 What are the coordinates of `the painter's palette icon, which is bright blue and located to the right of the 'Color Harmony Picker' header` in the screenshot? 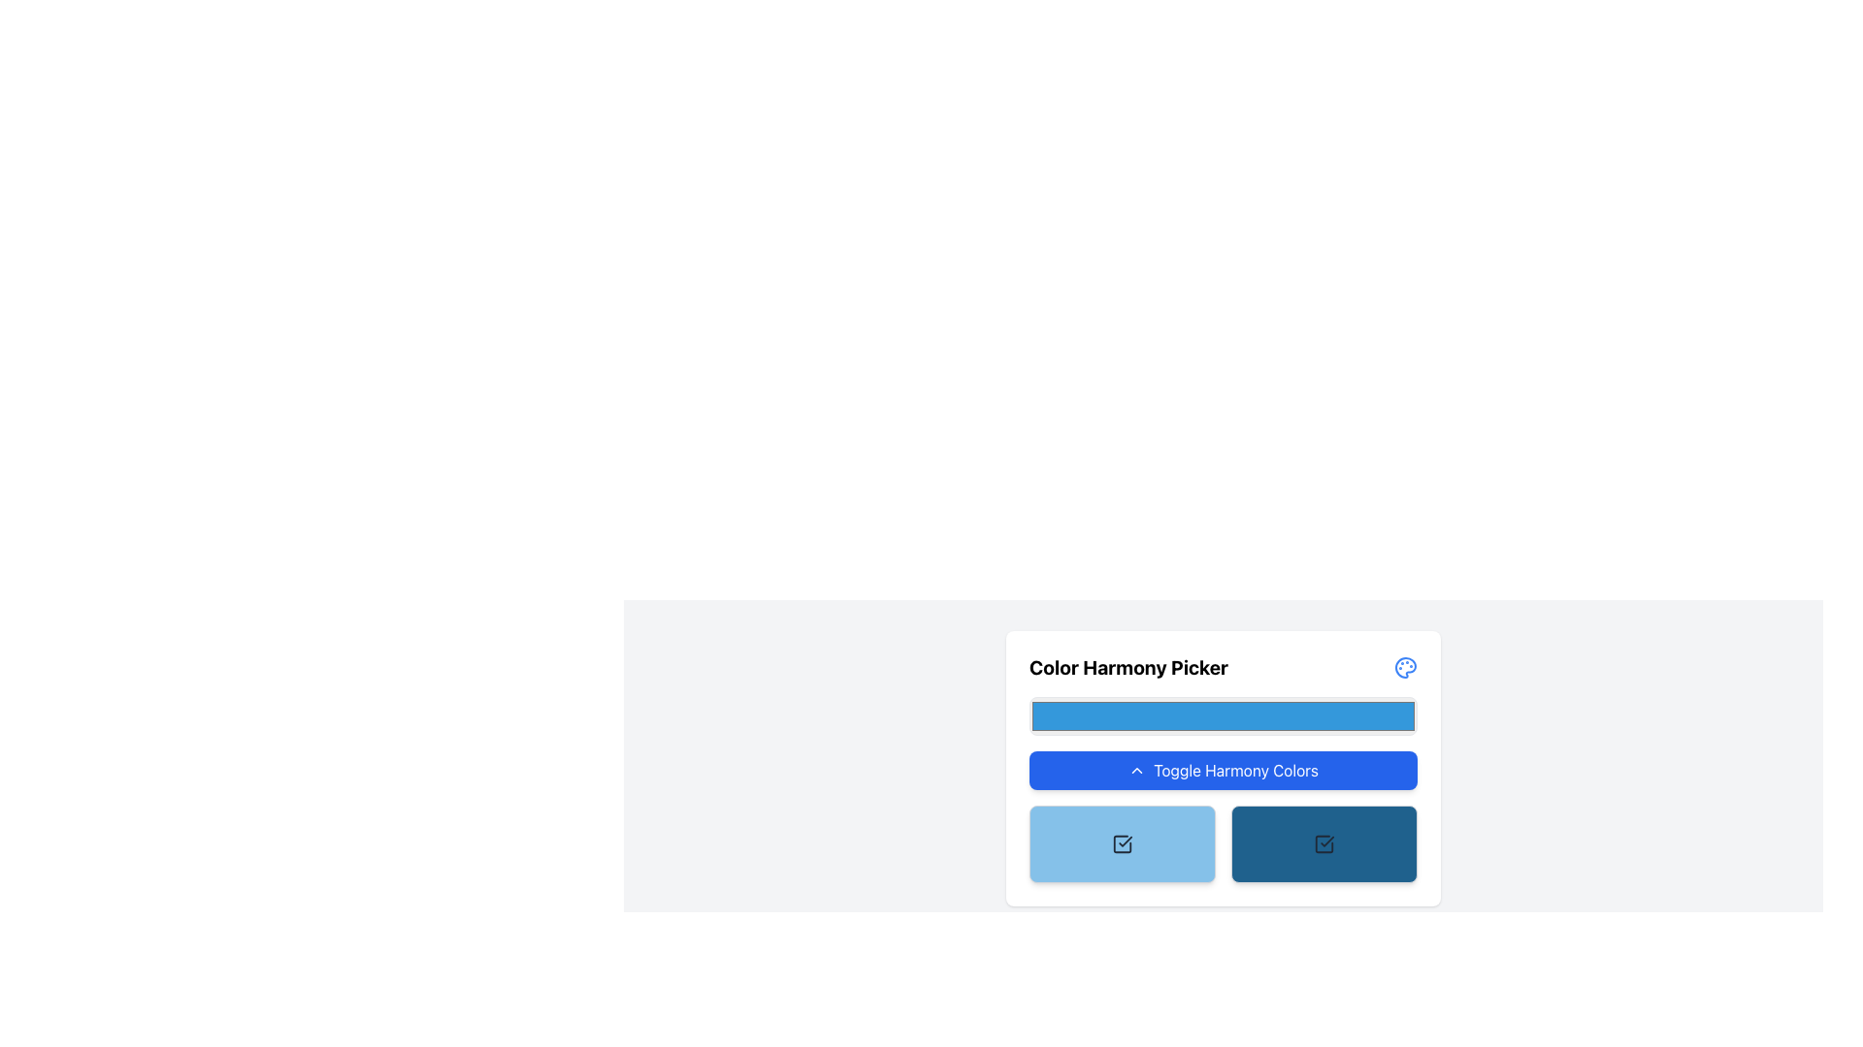 It's located at (1406, 667).